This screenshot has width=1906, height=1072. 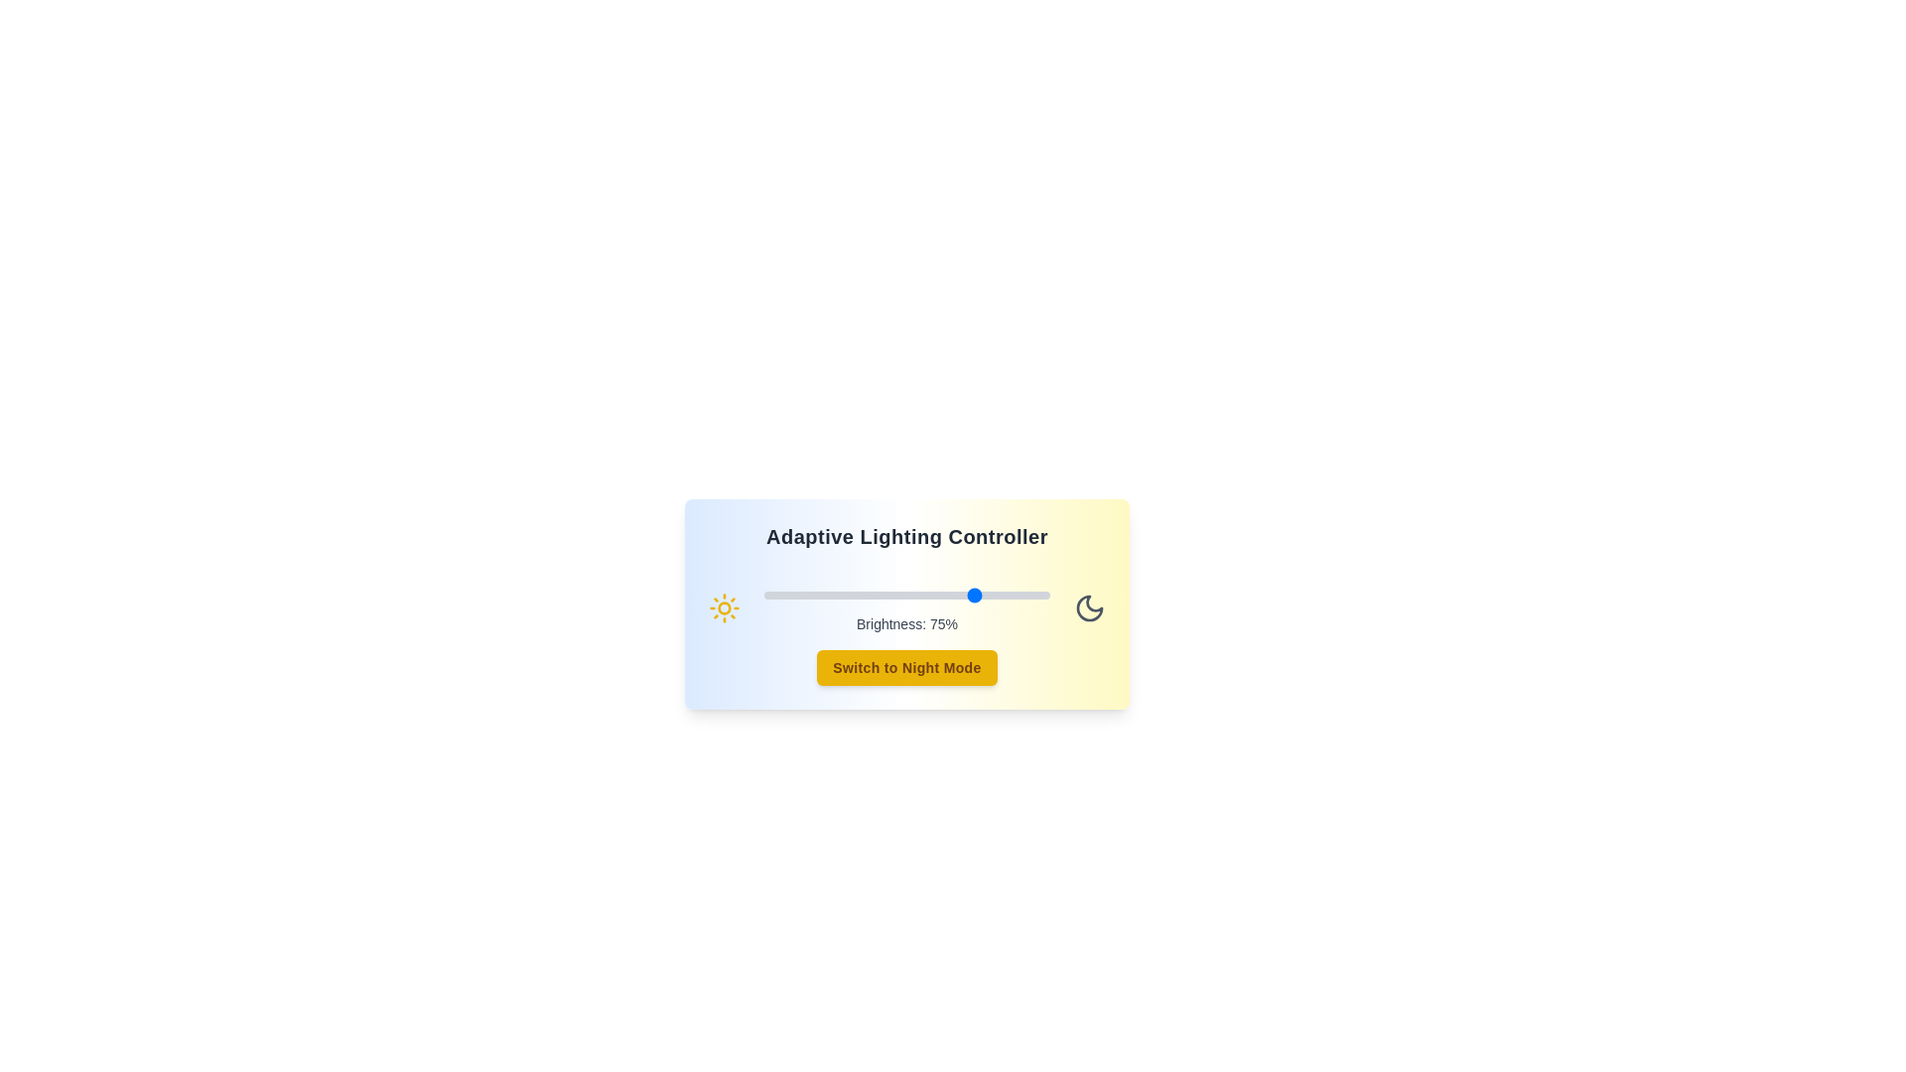 I want to click on the brightness level, so click(x=1013, y=595).